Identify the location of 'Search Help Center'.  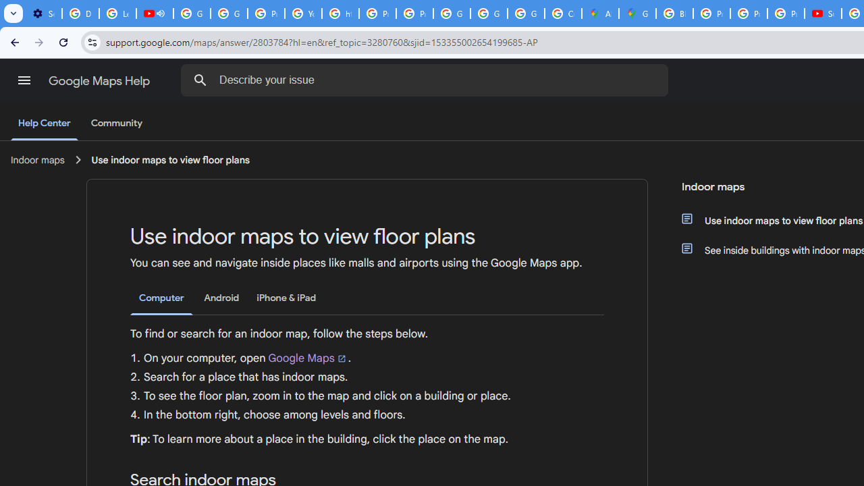
(200, 80).